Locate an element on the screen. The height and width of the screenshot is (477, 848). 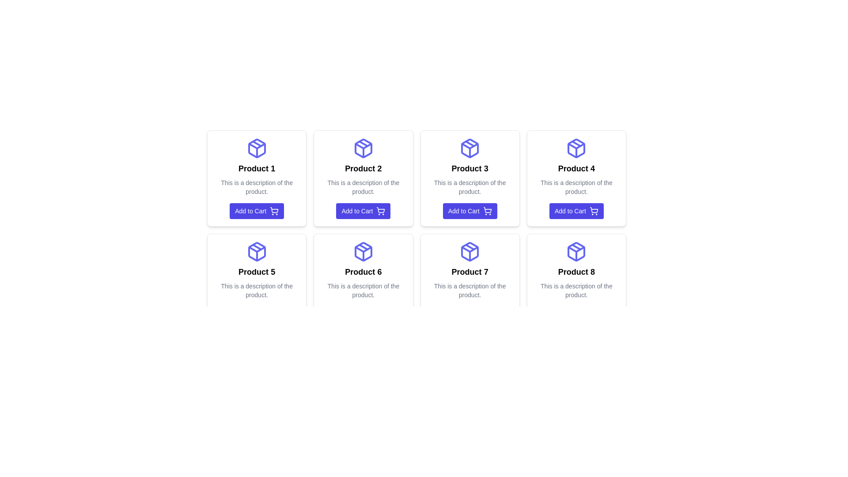
the 'Add to Cart' button located at the bottom of the 'Product 3' card, which has a vivid indigo background and contains a shopping cart icon is located at coordinates (469, 211).